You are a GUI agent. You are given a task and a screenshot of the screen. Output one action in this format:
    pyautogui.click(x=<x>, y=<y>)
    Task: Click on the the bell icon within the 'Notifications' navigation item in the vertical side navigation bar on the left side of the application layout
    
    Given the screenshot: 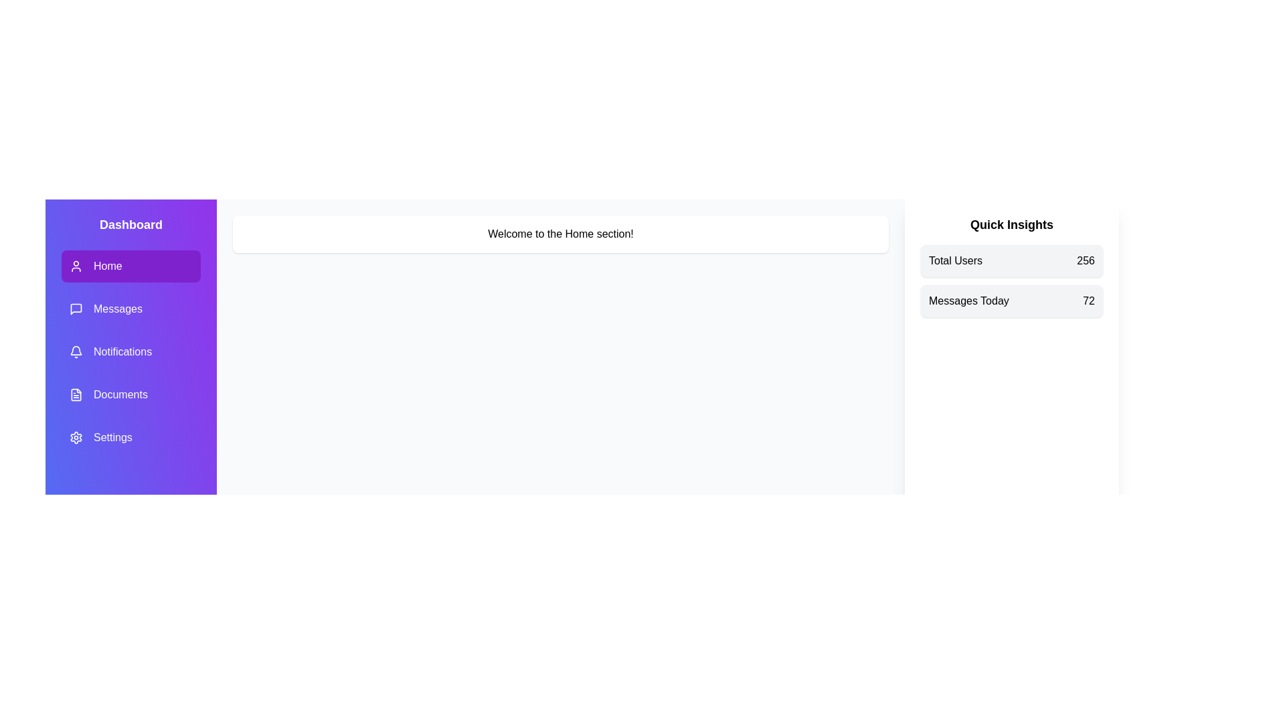 What is the action you would take?
    pyautogui.click(x=76, y=351)
    